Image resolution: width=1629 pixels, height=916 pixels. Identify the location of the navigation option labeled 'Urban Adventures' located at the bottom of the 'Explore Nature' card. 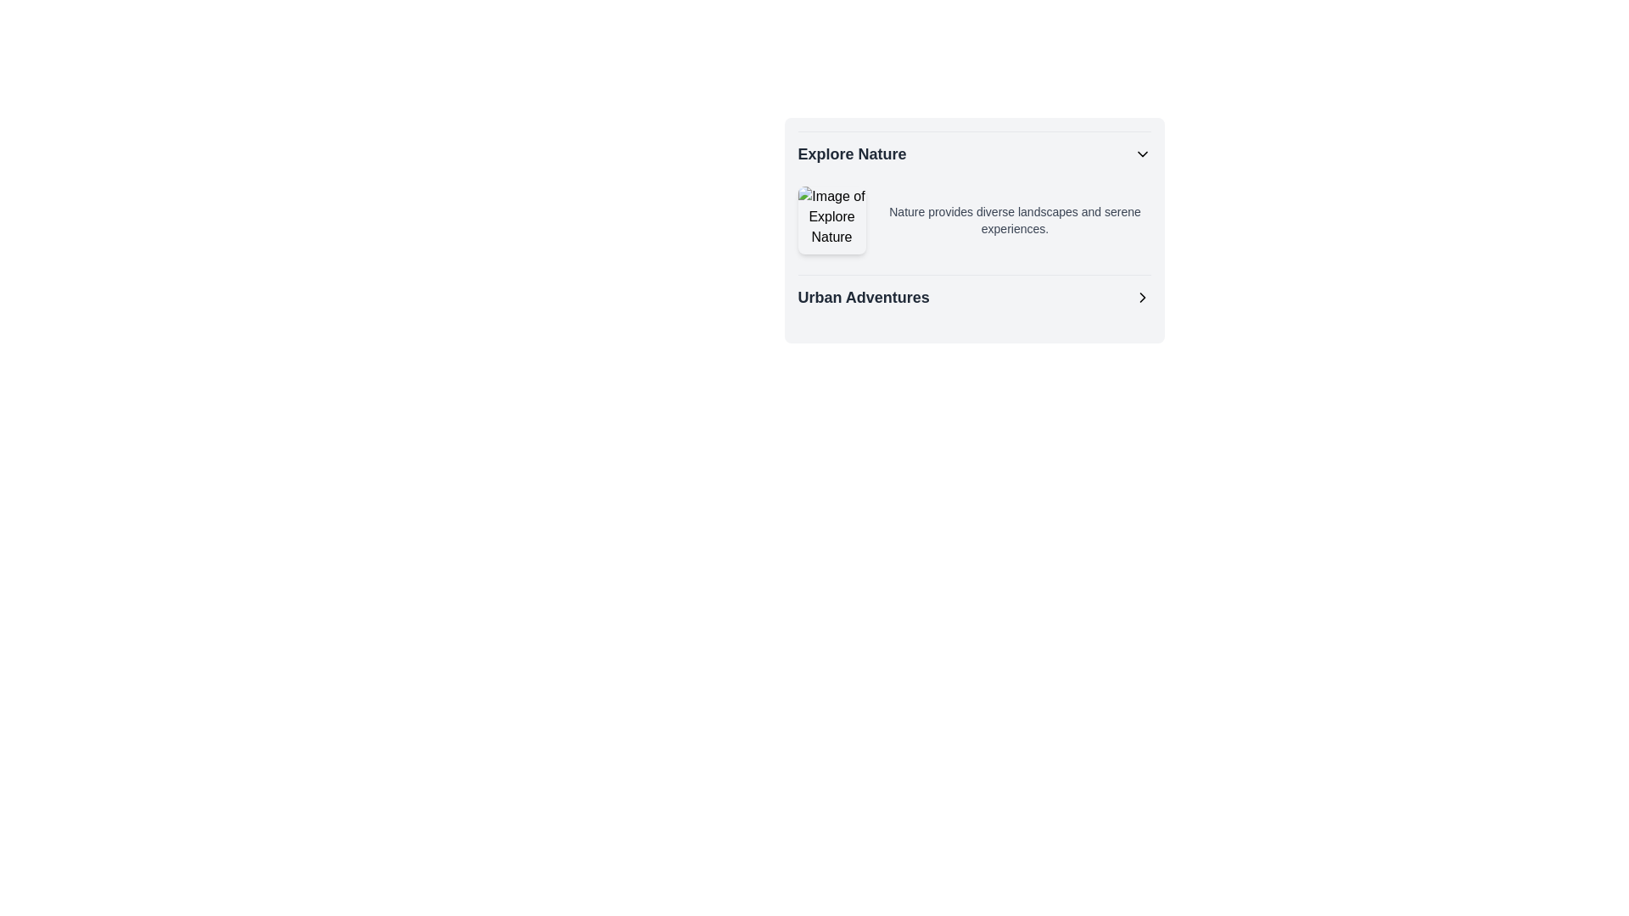
(974, 296).